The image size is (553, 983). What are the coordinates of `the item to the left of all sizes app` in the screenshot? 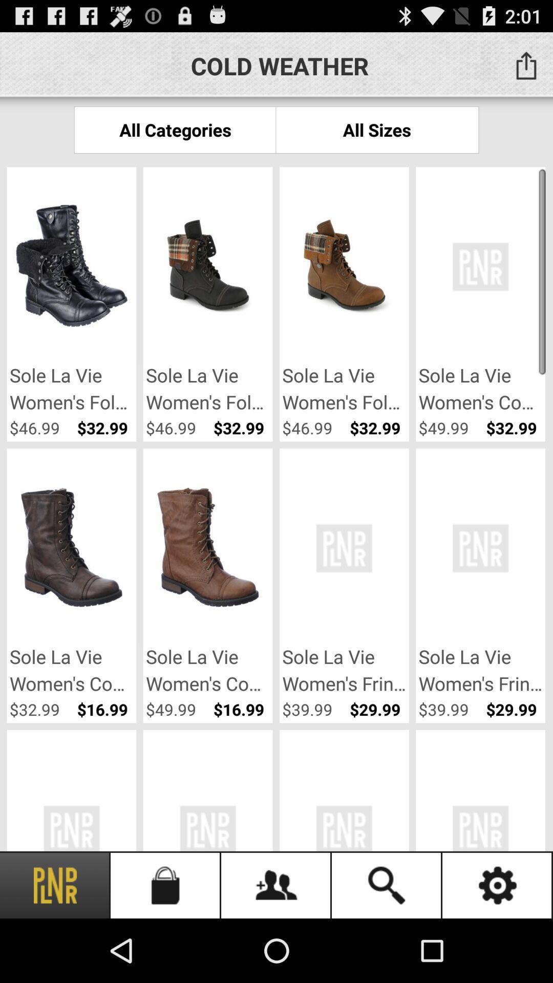 It's located at (175, 129).